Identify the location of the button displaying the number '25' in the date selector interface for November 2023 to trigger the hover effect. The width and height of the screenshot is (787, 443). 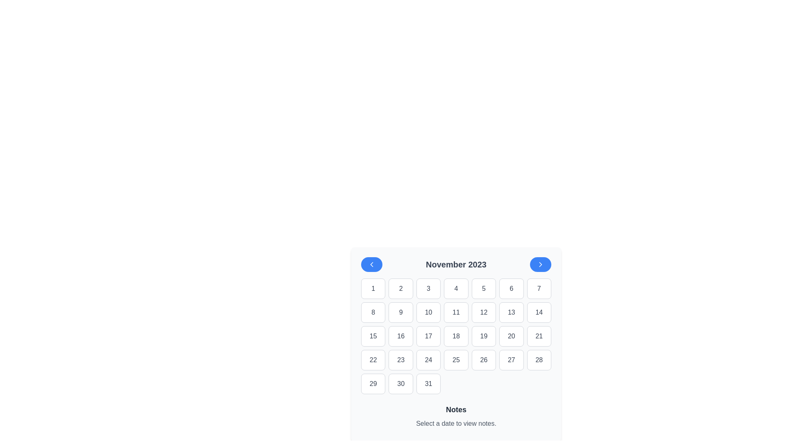
(456, 360).